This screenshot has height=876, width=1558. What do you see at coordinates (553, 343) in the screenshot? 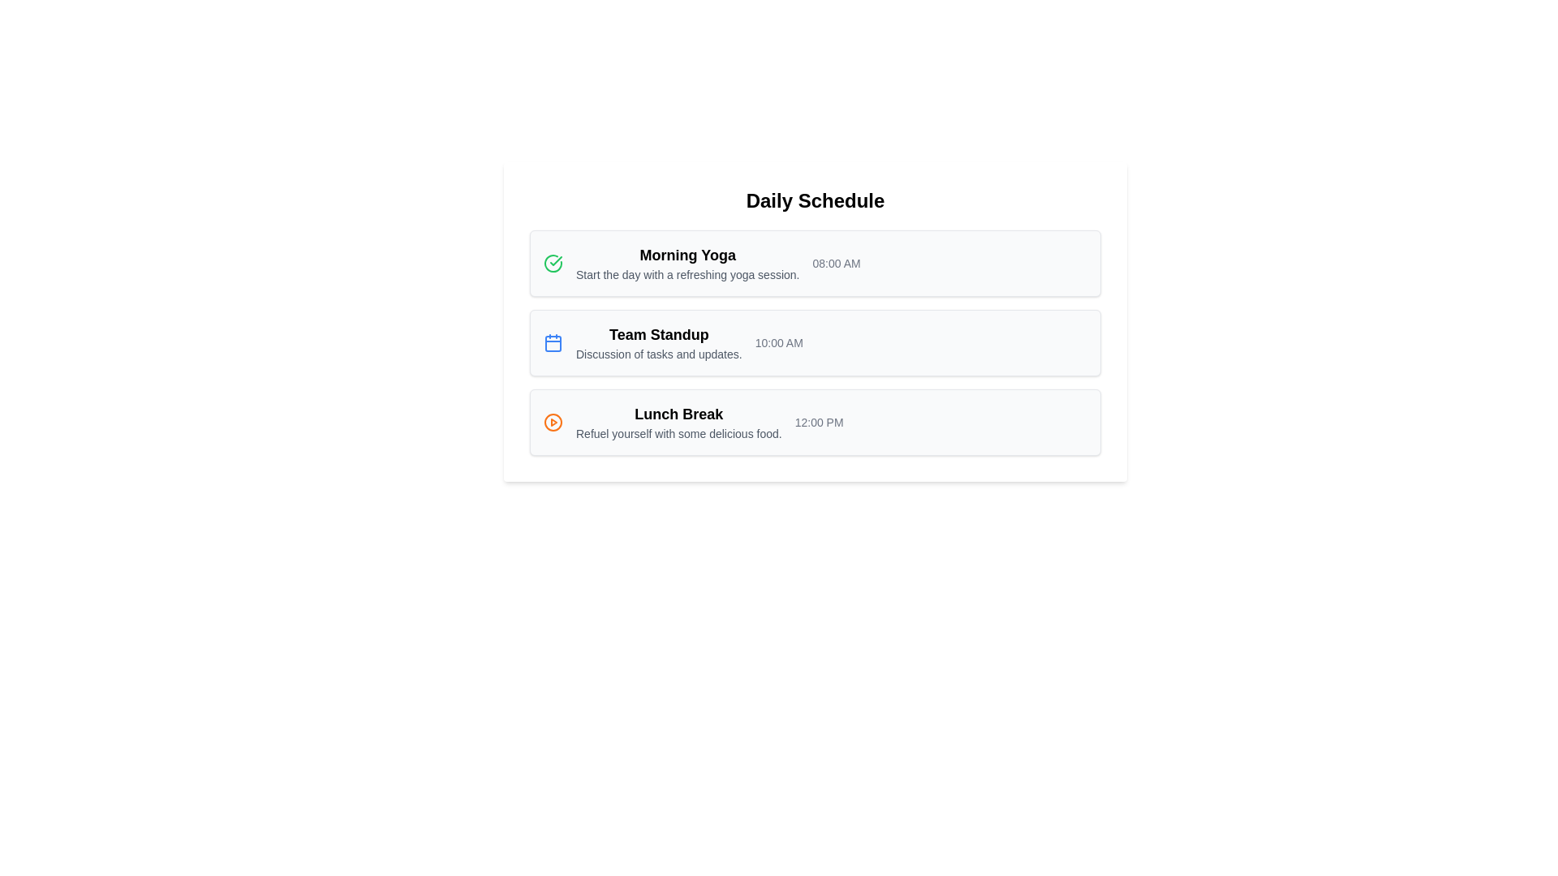
I see `the central part of the calendar icon, which serves as a visual component and is located to the left of the 'Team Standup' text` at bounding box center [553, 343].